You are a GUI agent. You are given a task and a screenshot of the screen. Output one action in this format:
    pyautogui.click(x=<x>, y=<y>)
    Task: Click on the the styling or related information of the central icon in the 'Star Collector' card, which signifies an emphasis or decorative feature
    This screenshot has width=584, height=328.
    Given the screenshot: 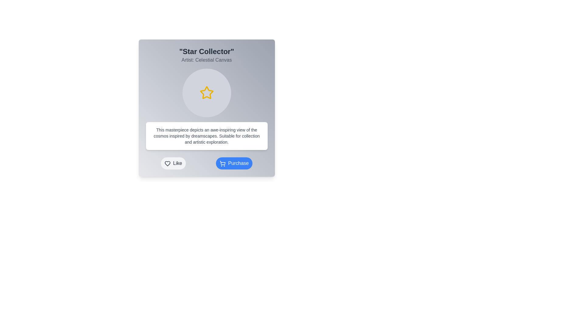 What is the action you would take?
    pyautogui.click(x=207, y=93)
    